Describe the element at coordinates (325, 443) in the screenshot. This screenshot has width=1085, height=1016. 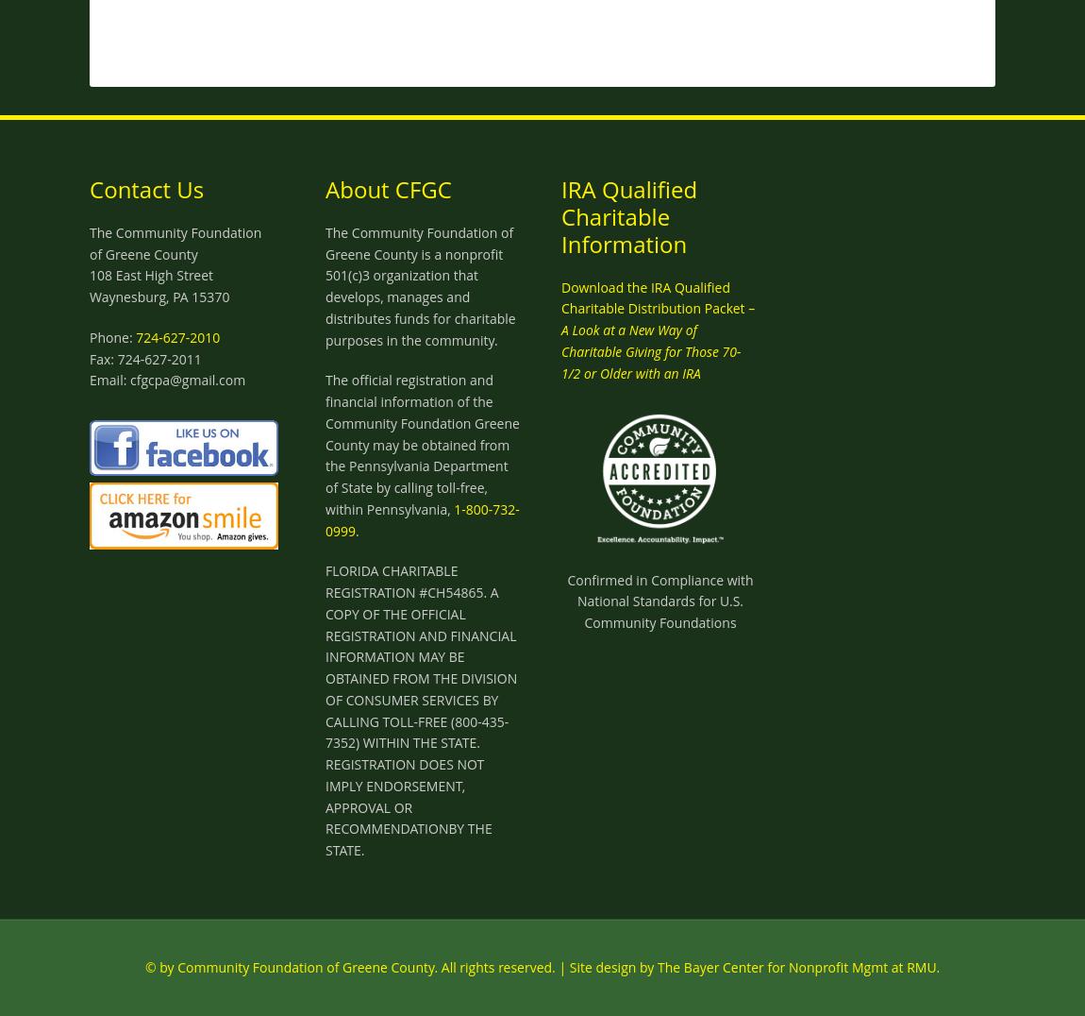
I see `'The official registration and financial information of the Community Foundation Greene County may be obtained from the Pennsylvania Department of State by calling toll-free, within Pennsylvania,'` at that location.